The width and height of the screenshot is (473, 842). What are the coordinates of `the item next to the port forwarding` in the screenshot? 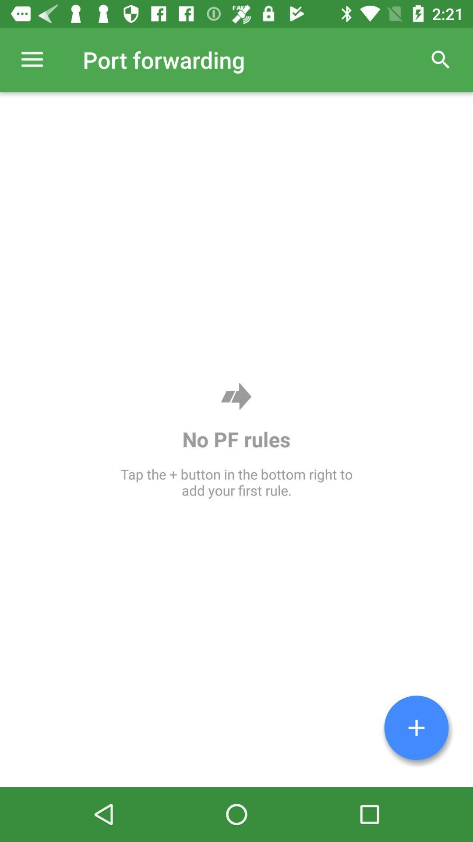 It's located at (441, 59).